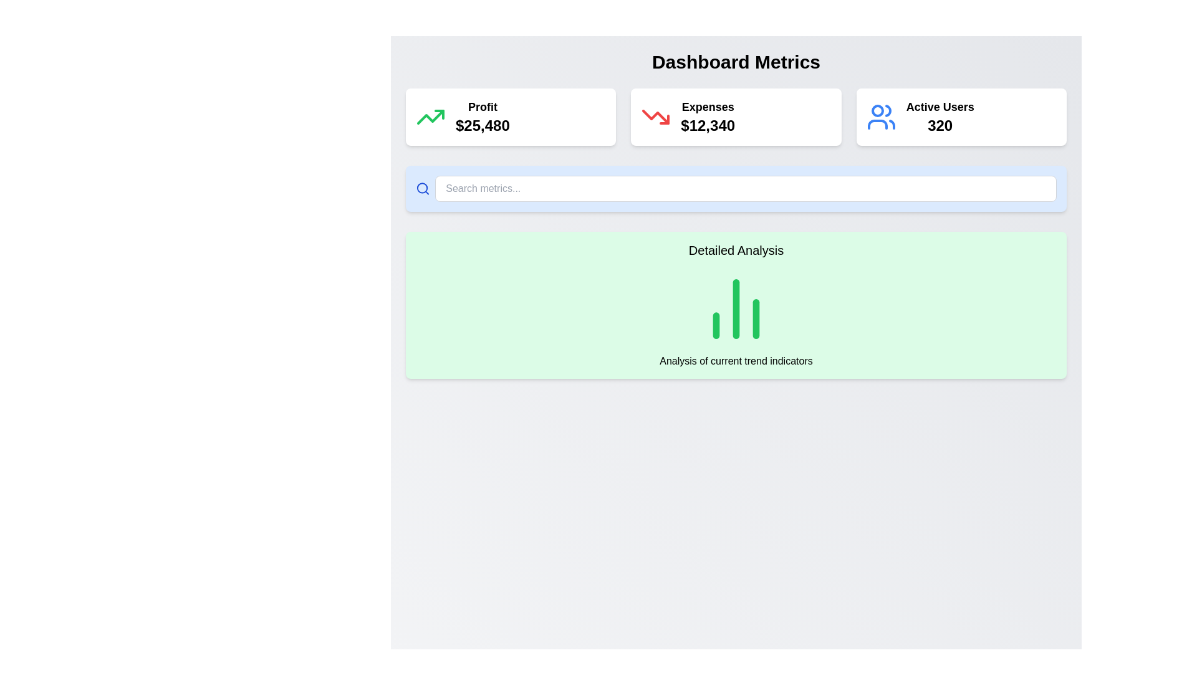 This screenshot has width=1197, height=673. Describe the element at coordinates (940, 107) in the screenshot. I see `the static text label 'Active Users' displayed in bold and larger font in the top-right section of the dashboard` at that location.